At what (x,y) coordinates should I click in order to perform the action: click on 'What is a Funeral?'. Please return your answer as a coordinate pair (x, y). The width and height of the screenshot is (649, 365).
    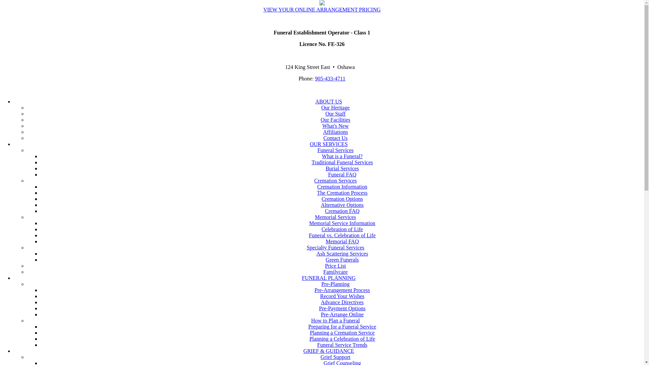
    Looking at the image, I should click on (342, 156).